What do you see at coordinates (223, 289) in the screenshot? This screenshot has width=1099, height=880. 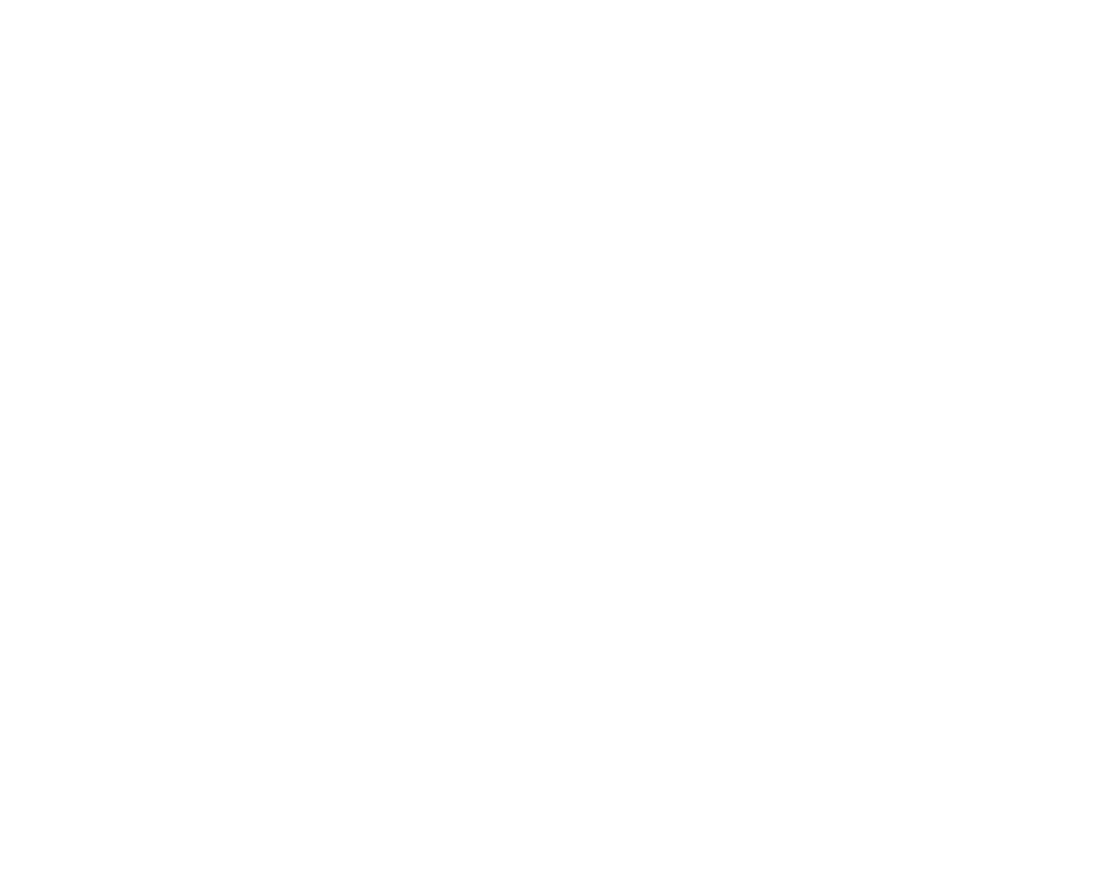 I see `'European EMC Products Ltd are registered to BS EN ISO 9001:2015, Certificate No. FS 38901'` at bounding box center [223, 289].